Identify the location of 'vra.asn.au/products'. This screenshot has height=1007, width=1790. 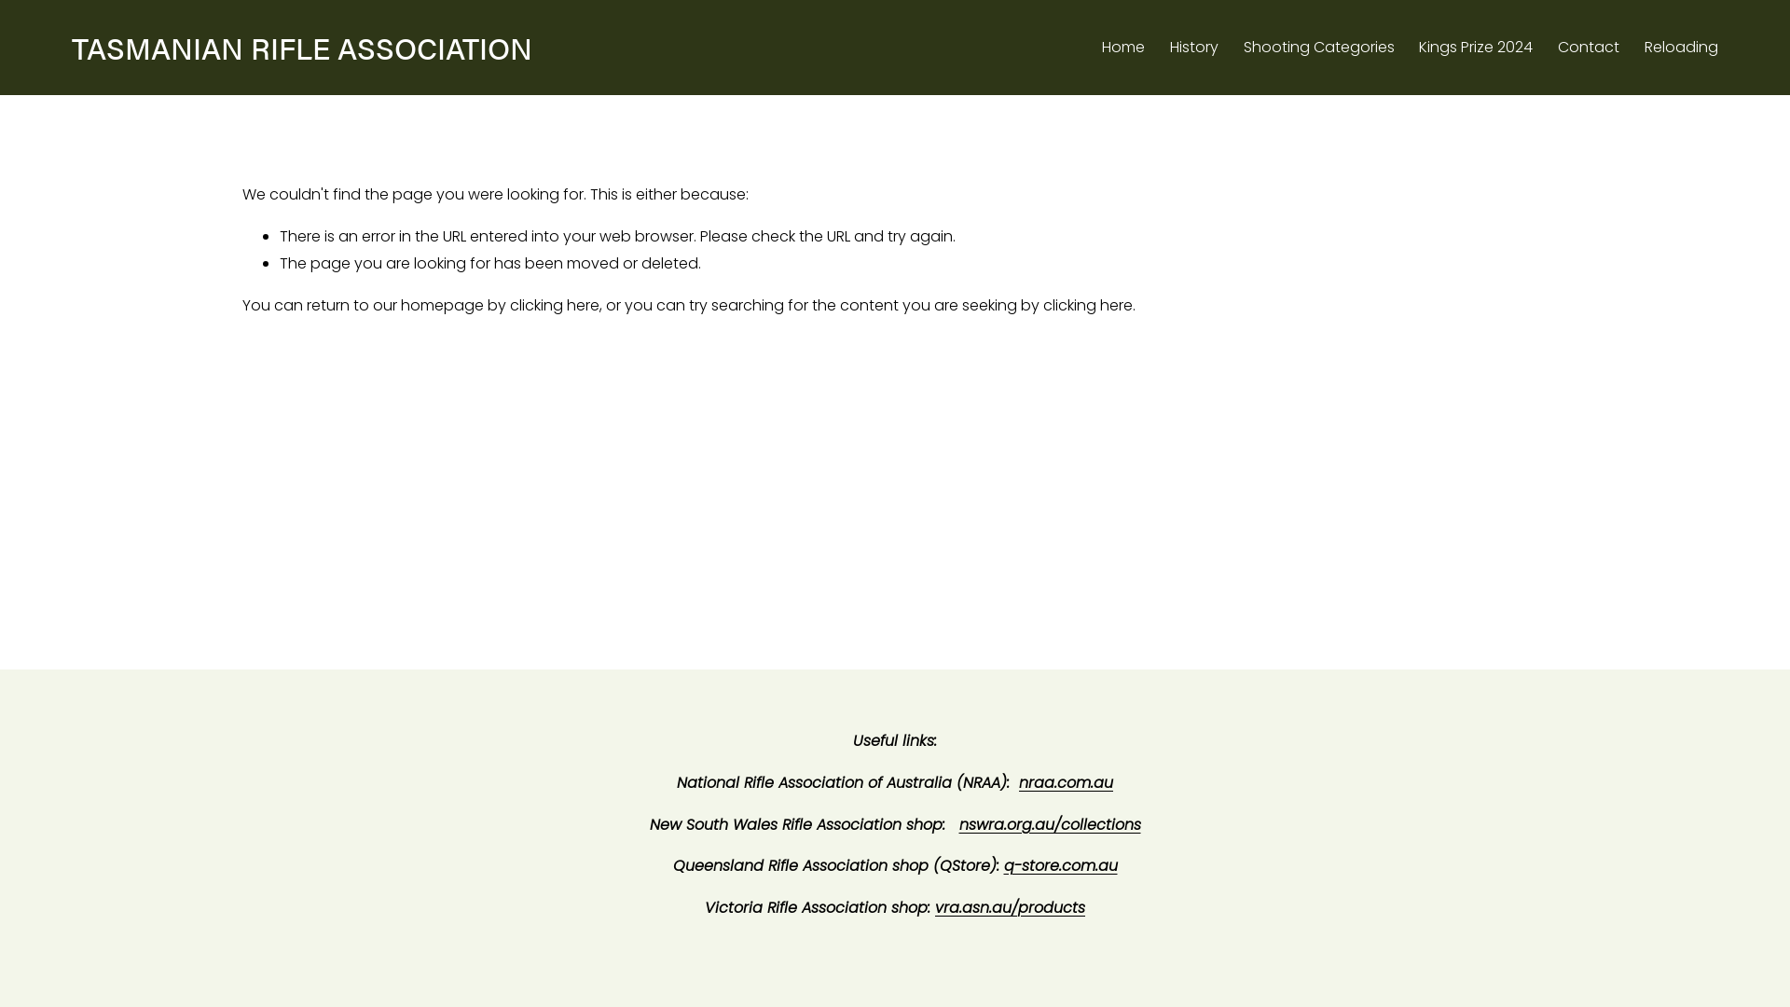
(1009, 907).